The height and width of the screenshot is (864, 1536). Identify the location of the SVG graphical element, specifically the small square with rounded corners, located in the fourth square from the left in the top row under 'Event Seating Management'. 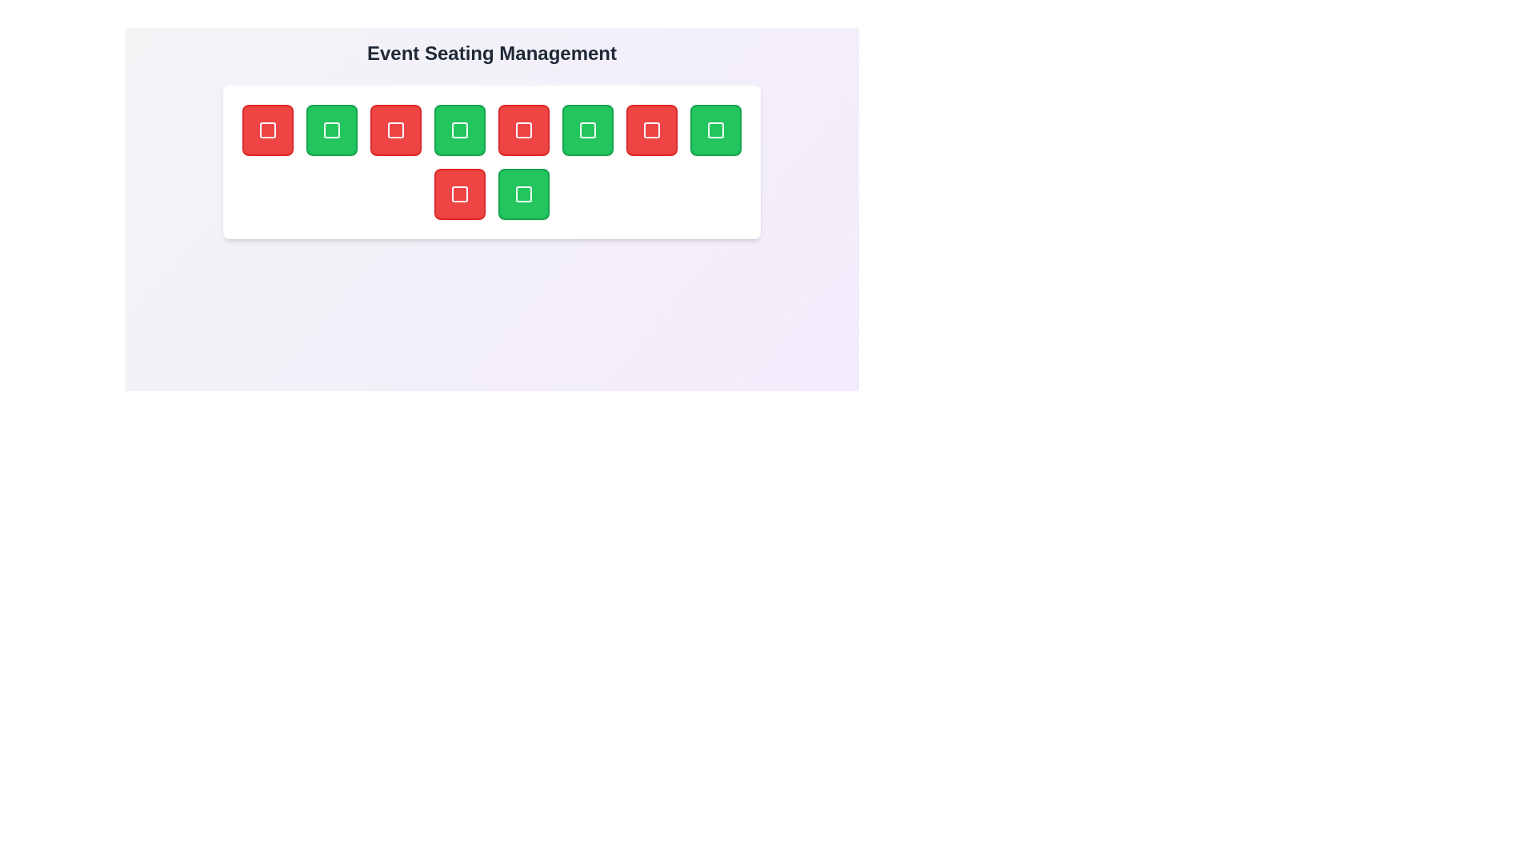
(523, 129).